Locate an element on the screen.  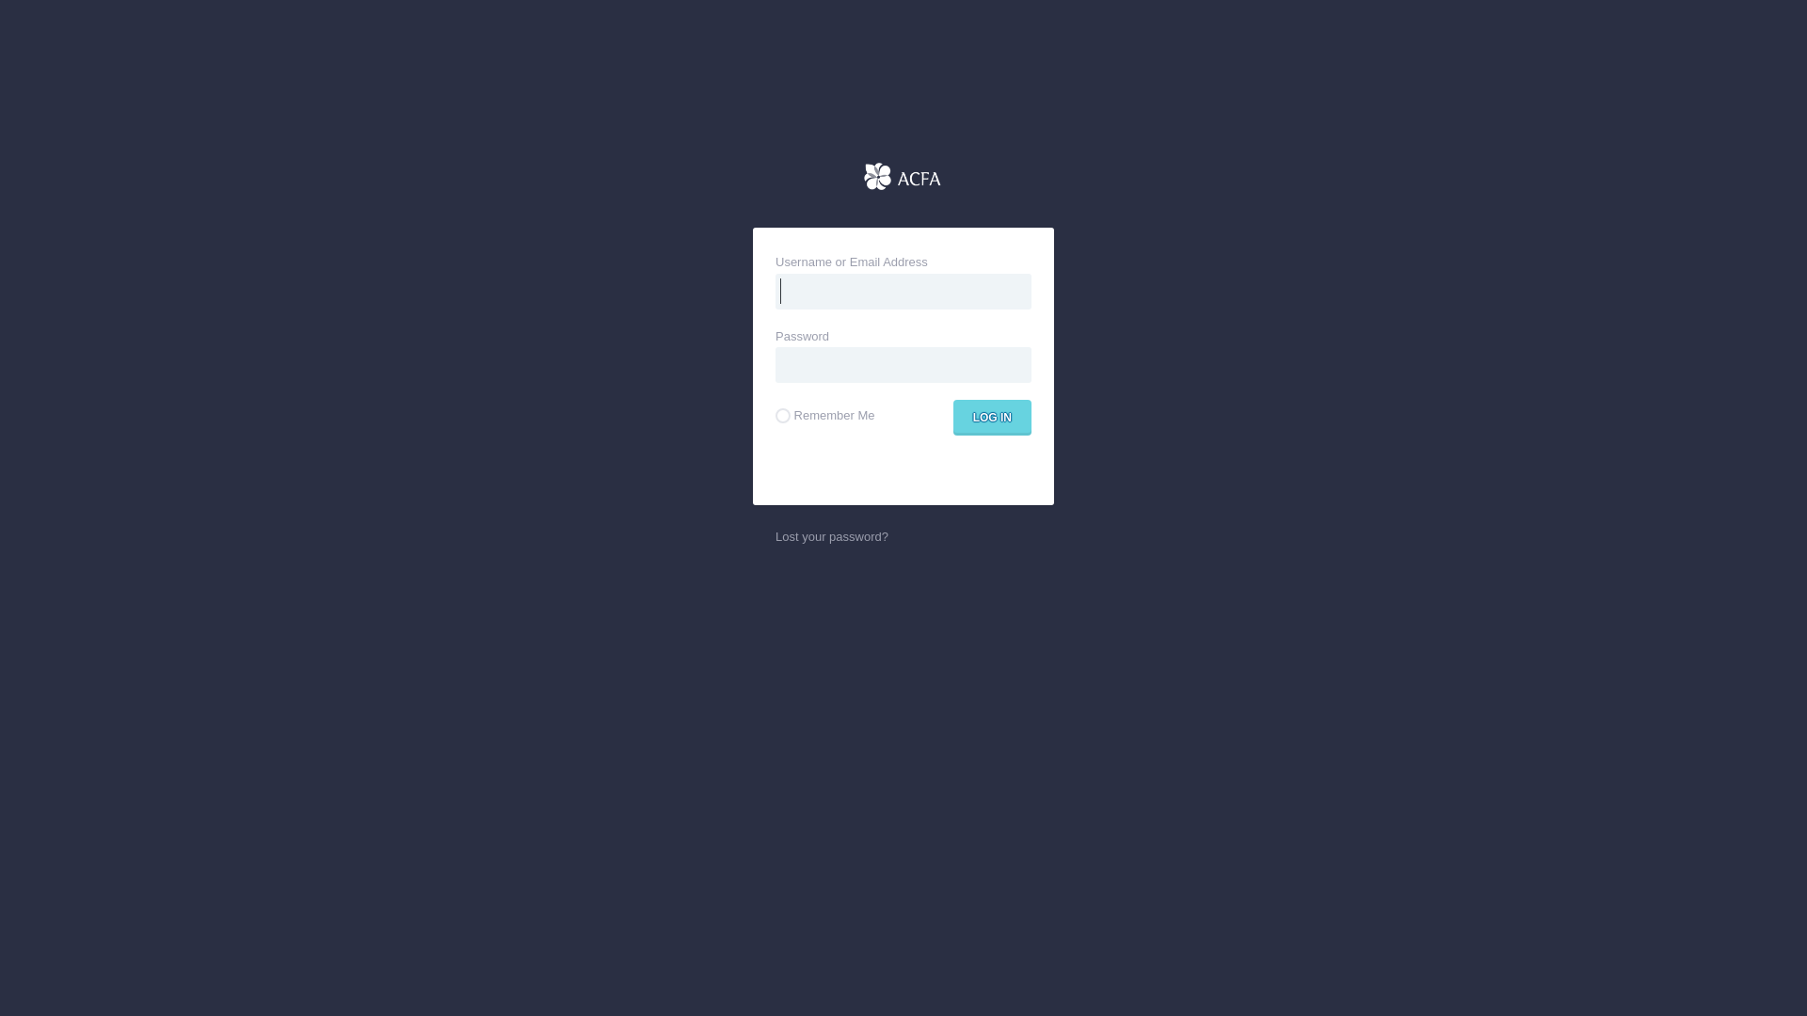
'Powered by WordPress' is located at coordinates (903, 177).